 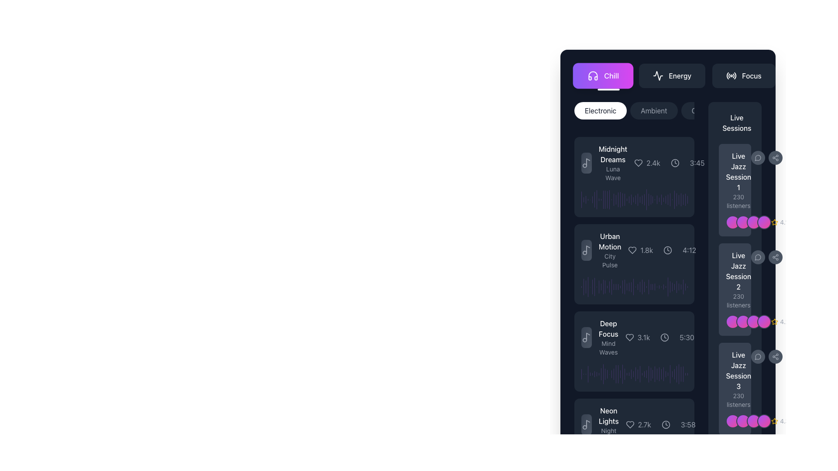 What do you see at coordinates (757, 357) in the screenshot?
I see `the circular speech bubble icon located in the rightmost column of the session listing interface, aligned with the 'Live Jazz Session 3' entry` at bounding box center [757, 357].